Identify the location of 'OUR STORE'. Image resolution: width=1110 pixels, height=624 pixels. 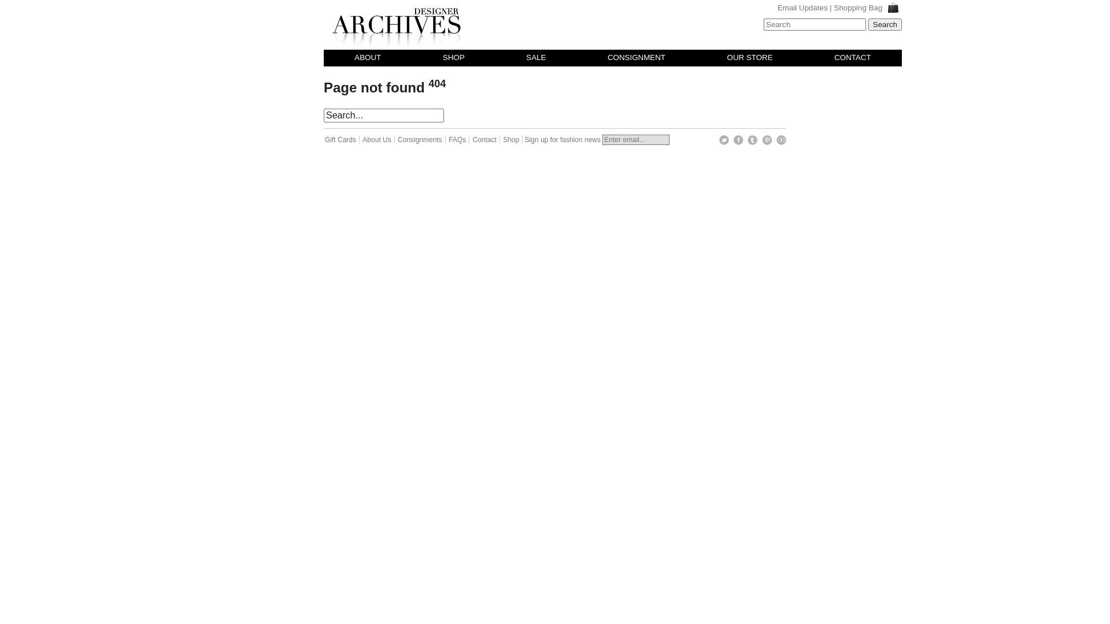
(750, 58).